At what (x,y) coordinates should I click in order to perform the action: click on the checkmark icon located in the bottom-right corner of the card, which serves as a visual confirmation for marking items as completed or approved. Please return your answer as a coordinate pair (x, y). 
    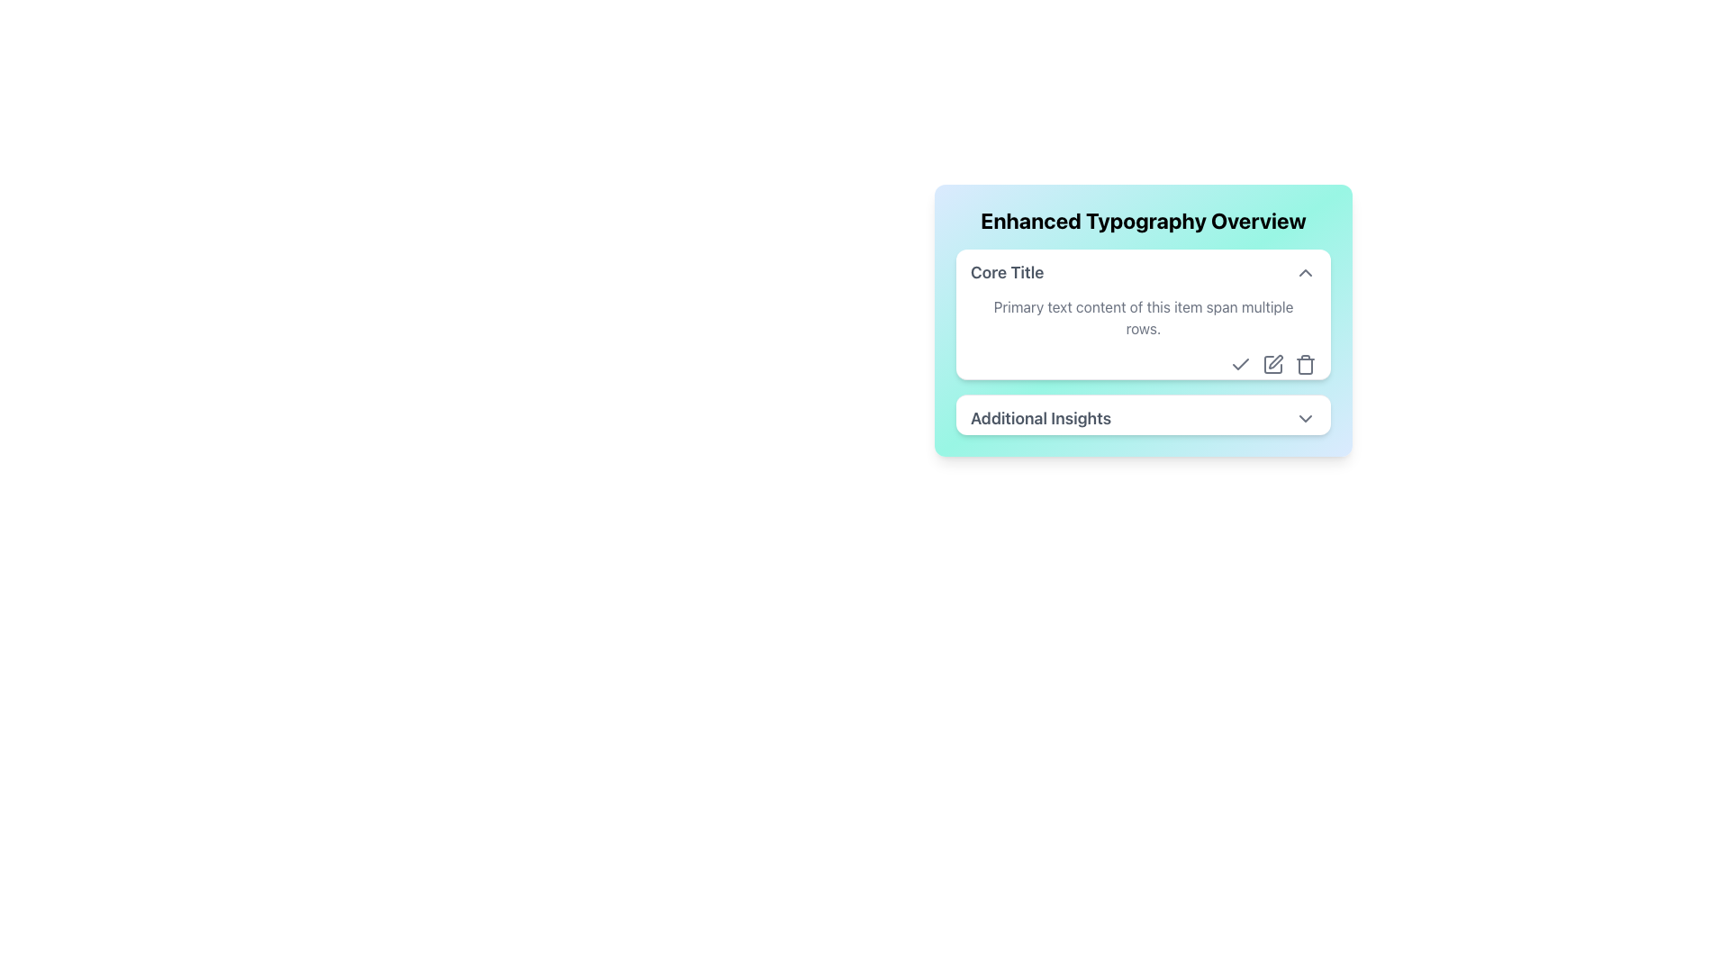
    Looking at the image, I should click on (1239, 364).